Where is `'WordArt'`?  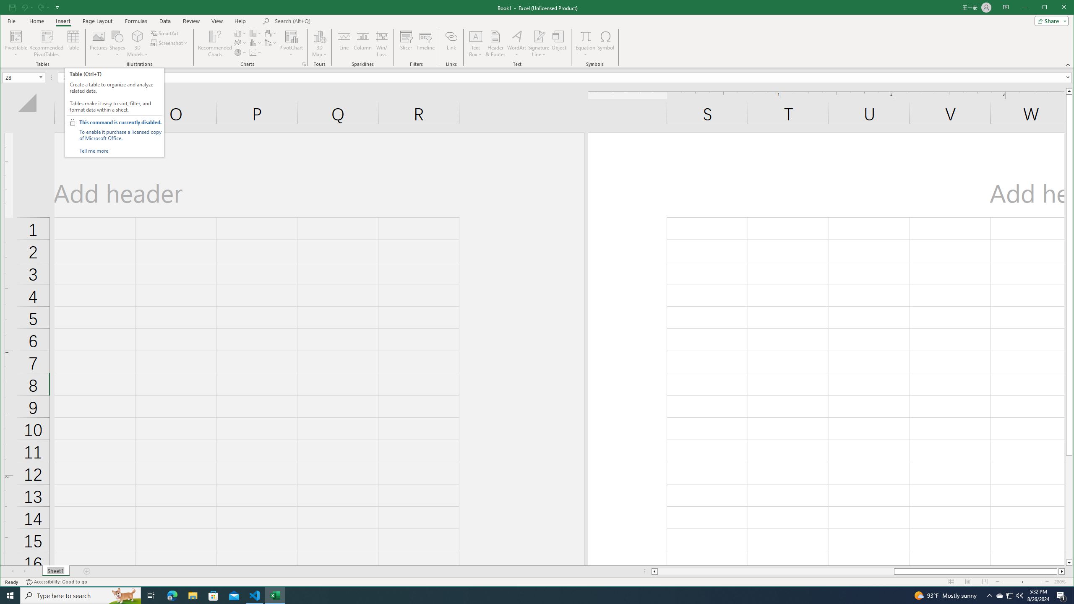
'WordArt' is located at coordinates (516, 43).